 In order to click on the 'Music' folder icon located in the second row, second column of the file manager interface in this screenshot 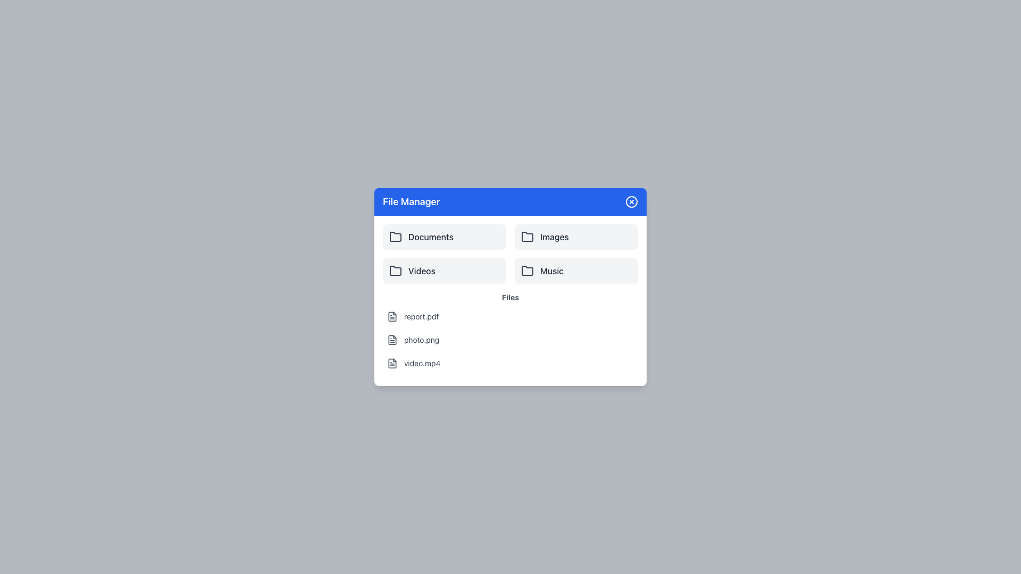, I will do `click(528, 270)`.